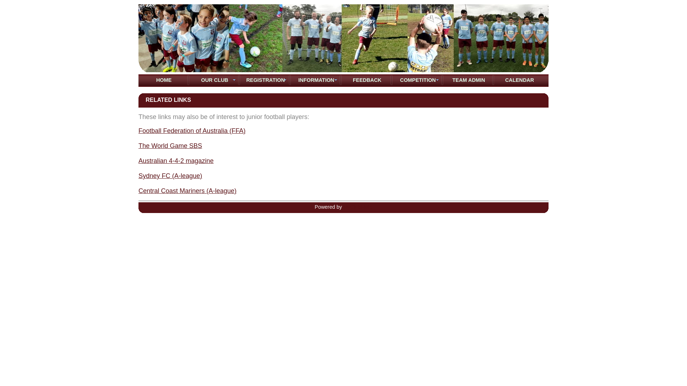 The width and height of the screenshot is (687, 386). Describe the element at coordinates (367, 80) in the screenshot. I see `'FEEDBACK'` at that location.